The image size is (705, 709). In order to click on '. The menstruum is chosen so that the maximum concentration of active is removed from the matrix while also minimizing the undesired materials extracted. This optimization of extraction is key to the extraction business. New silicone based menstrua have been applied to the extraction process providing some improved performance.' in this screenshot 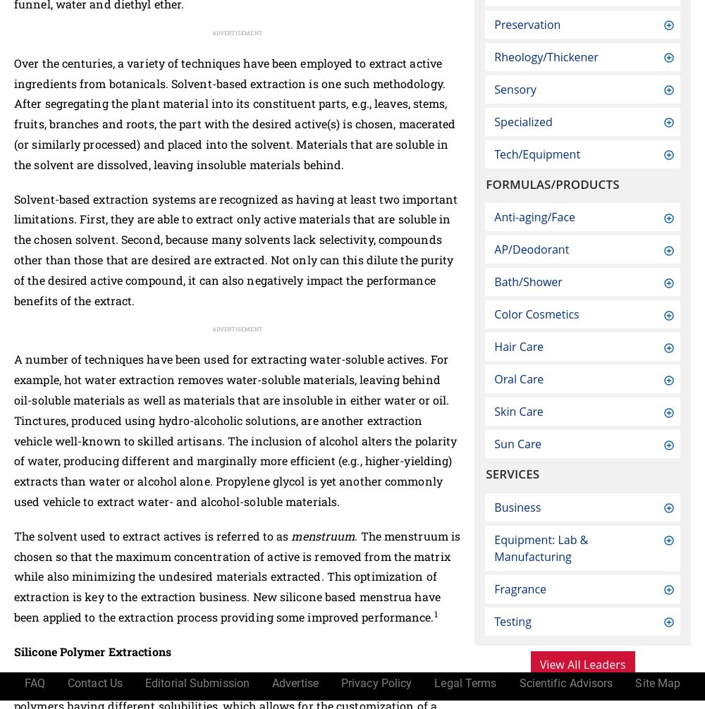, I will do `click(236, 574)`.